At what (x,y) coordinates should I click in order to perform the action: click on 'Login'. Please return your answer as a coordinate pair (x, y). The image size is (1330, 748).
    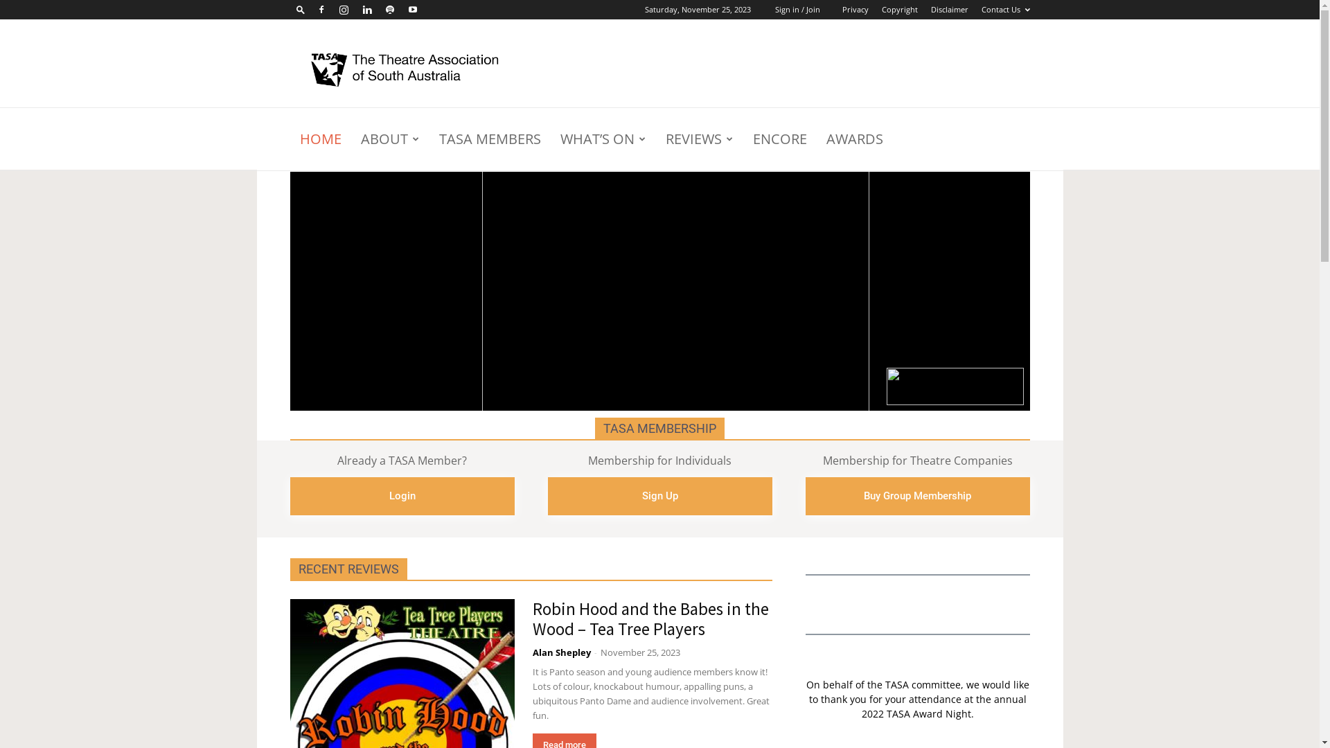
    Looking at the image, I should click on (401, 495).